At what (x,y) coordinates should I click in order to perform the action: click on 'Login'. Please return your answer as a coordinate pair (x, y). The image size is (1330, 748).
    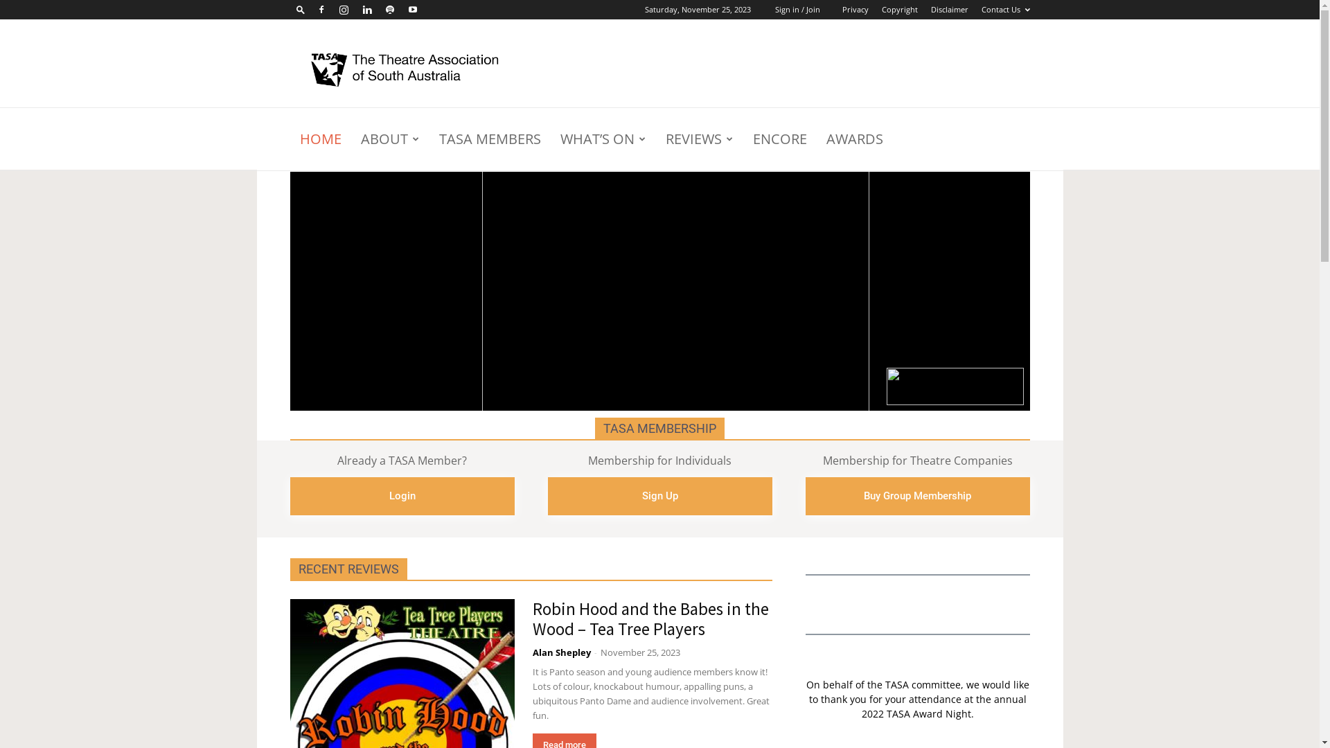
    Looking at the image, I should click on (401, 495).